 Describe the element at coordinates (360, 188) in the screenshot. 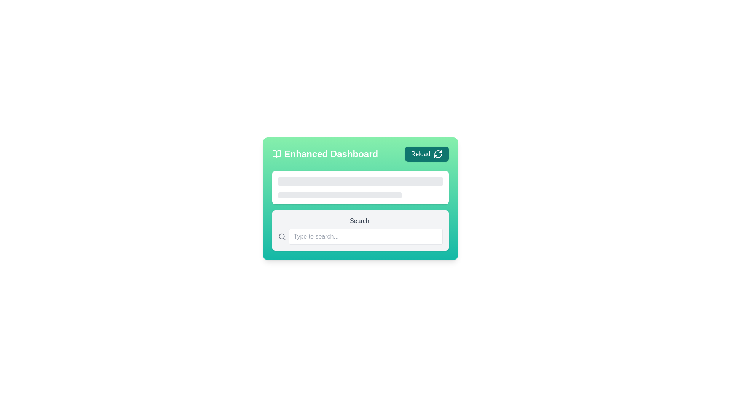

I see `the loading bar or content bar within the 'Enhanced Dashboard' card, which is a light gray rectangular block located below the header section and above the search bar` at that location.